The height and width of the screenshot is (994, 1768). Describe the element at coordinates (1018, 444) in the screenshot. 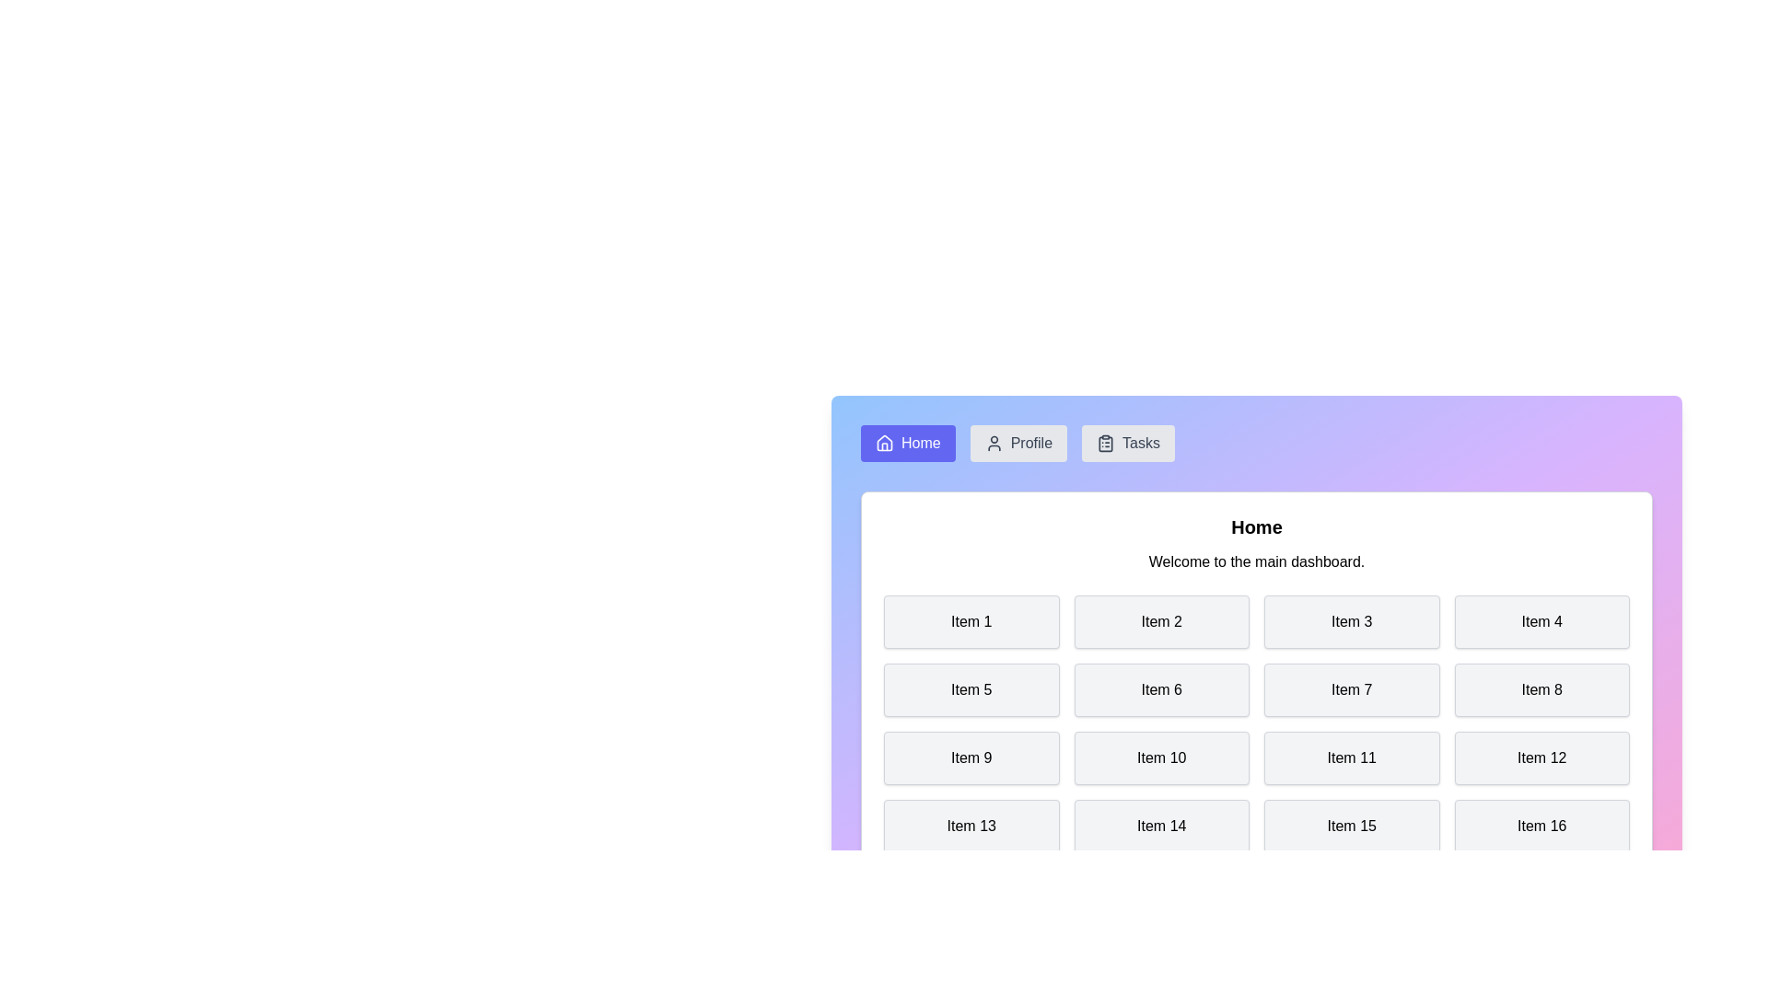

I see `the Profile tab by clicking its navigation button` at that location.